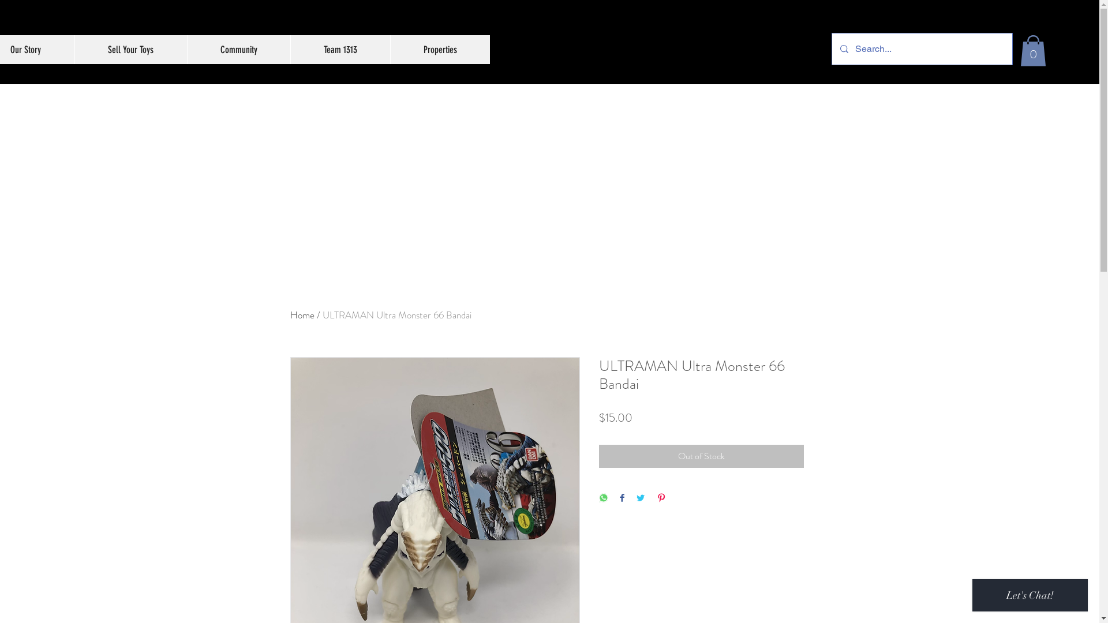 The image size is (1108, 623). Describe the element at coordinates (396, 315) in the screenshot. I see `'ULTRAMAN Ultra Monster 66 Bandai'` at that location.